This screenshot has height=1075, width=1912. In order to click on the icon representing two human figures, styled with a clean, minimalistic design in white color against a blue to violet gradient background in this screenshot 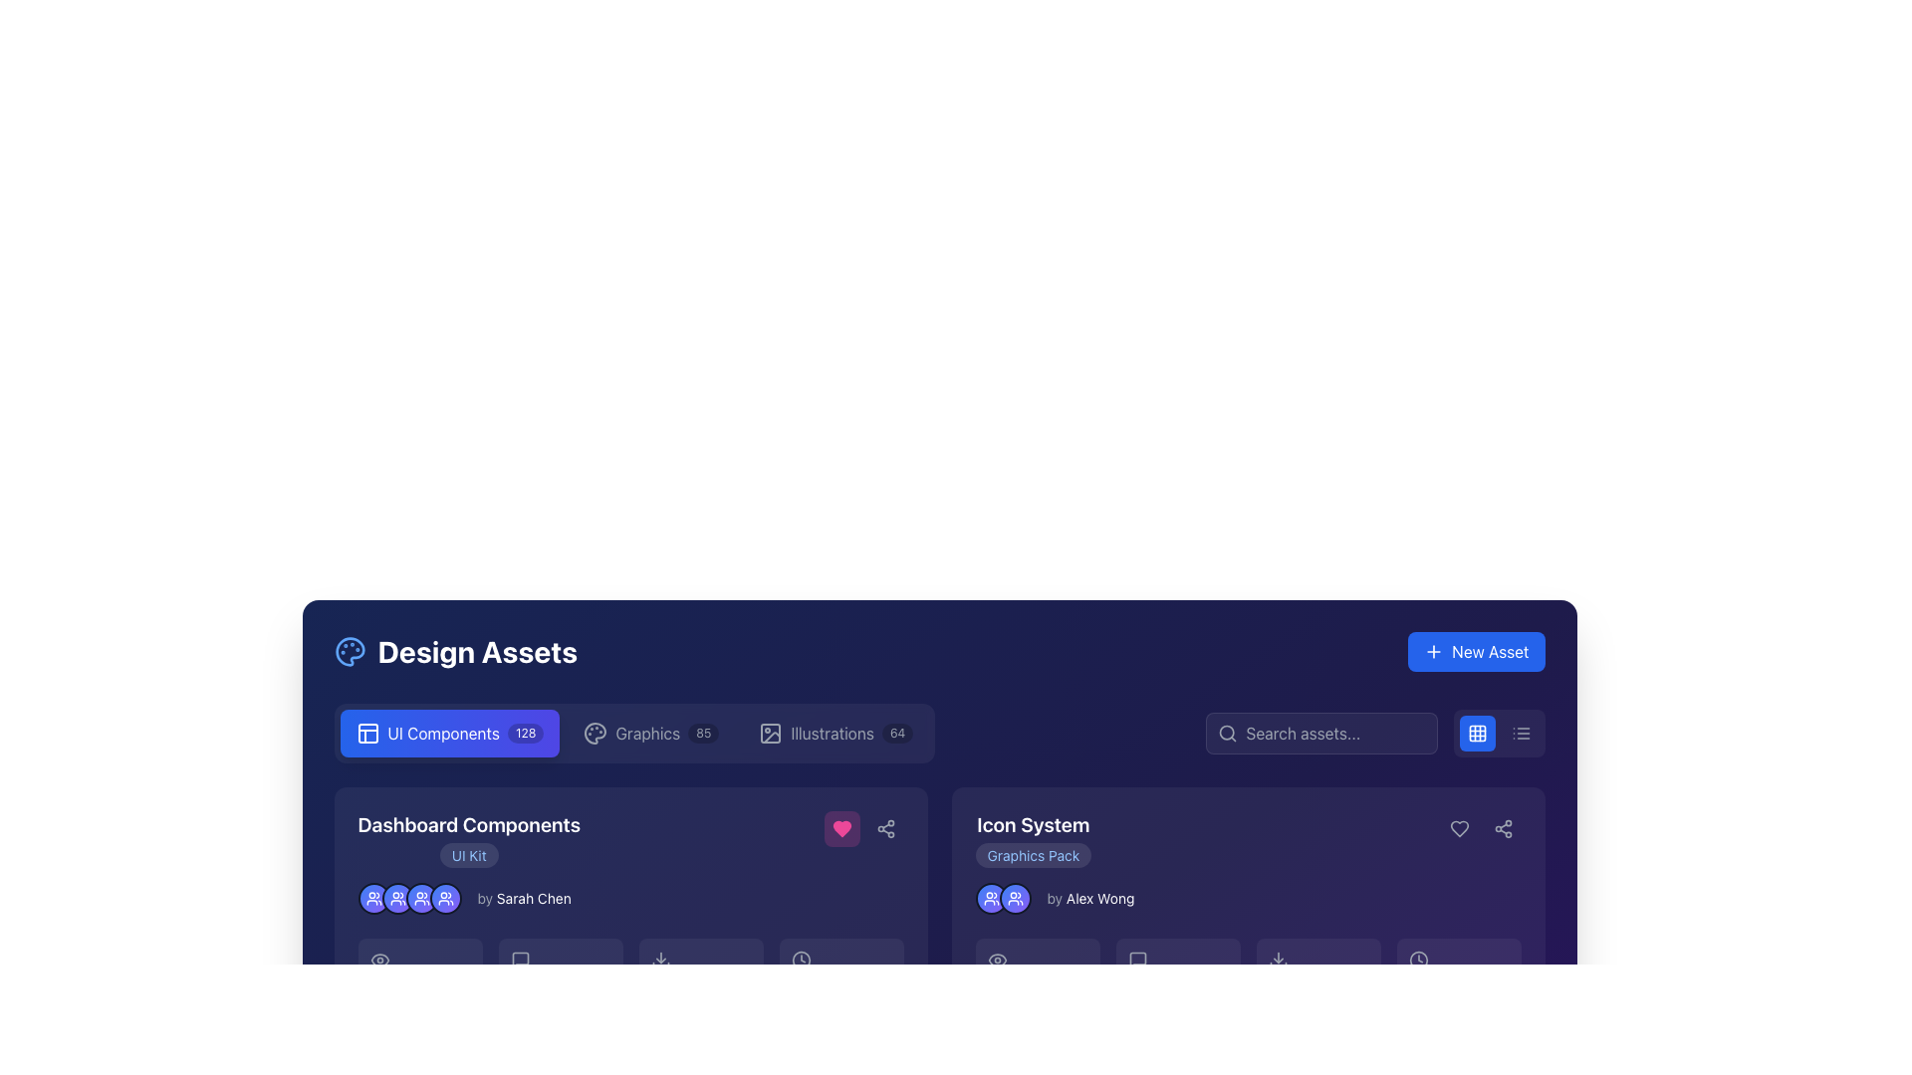, I will do `click(420, 898)`.